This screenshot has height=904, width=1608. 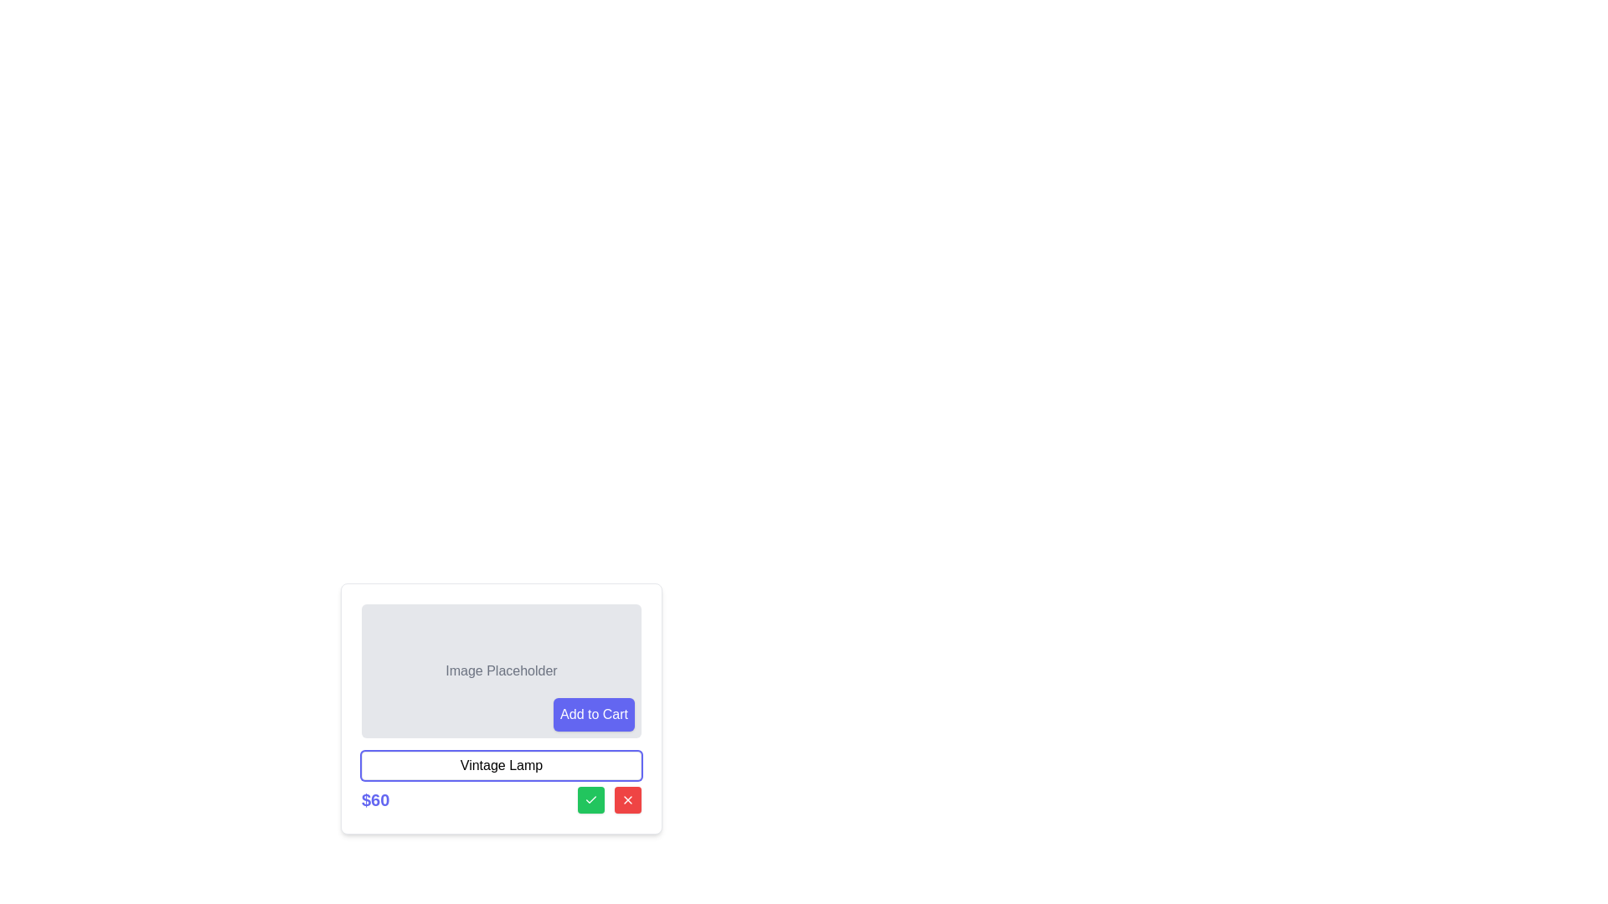 I want to click on the placeholder text label that indicates a space reserved for an image or visual content, located in the top-center of a card-like component, so click(x=501, y=670).